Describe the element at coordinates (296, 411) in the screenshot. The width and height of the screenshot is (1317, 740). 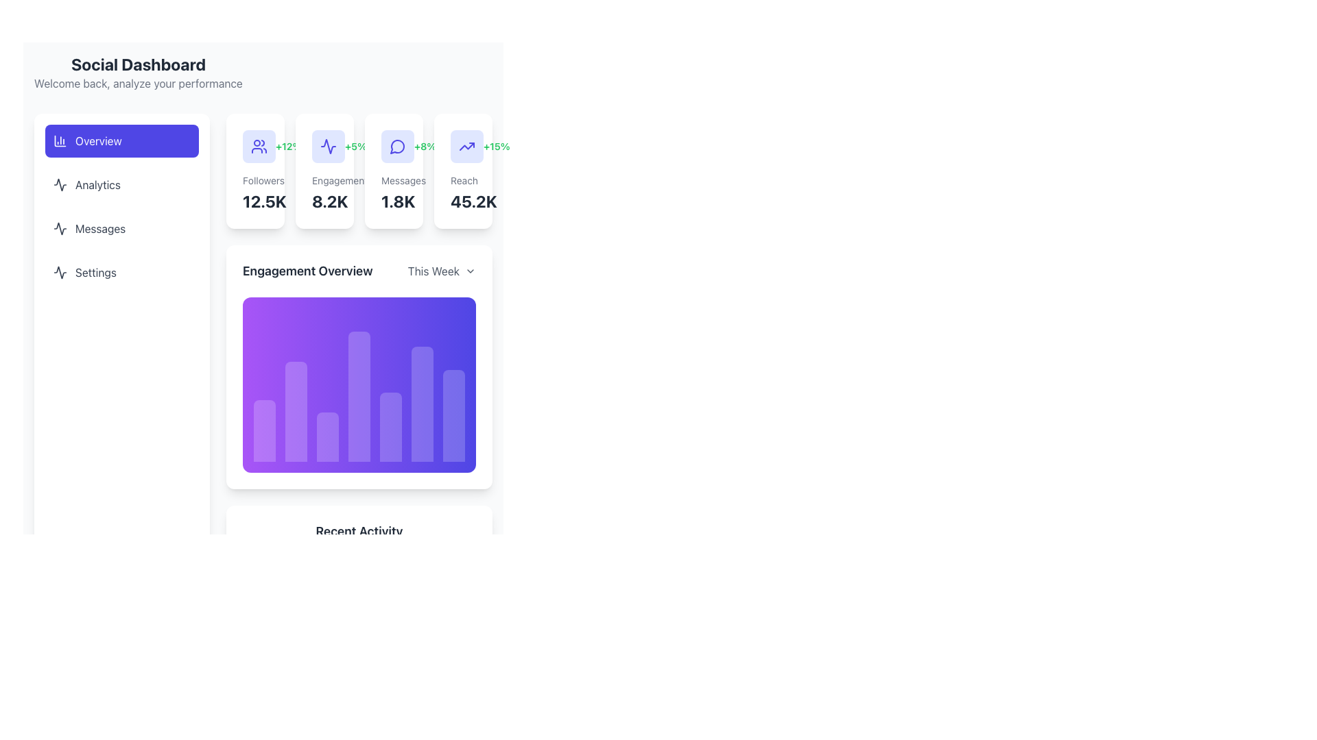
I see `the second vertical bar in the 'Engagement Overview' card of the dashboard, which has a rounded top edge and a white color at 20% opacity` at that location.